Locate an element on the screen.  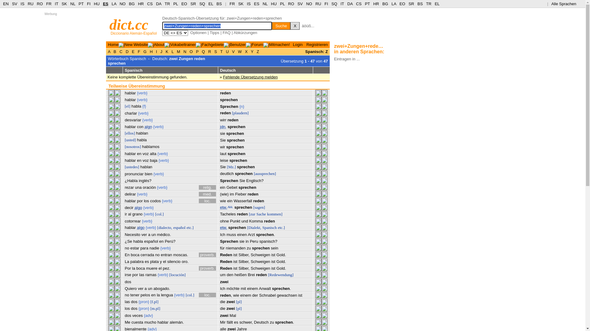
'hablan' is located at coordinates (142, 133).